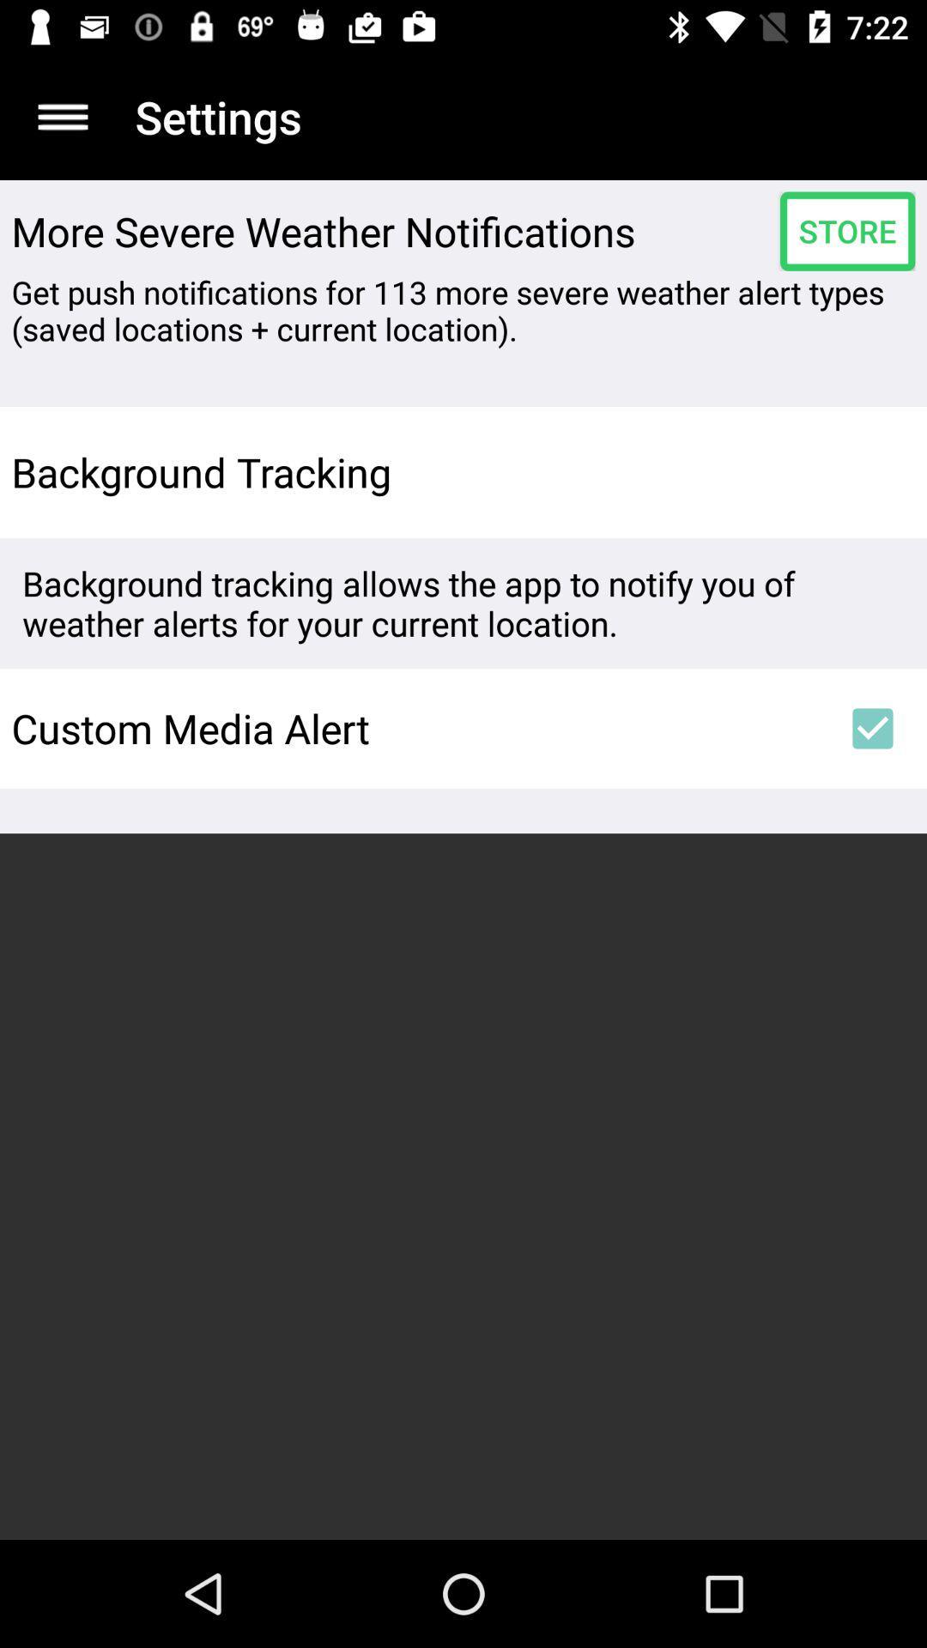  I want to click on icon above the get push notifications item, so click(846, 230).